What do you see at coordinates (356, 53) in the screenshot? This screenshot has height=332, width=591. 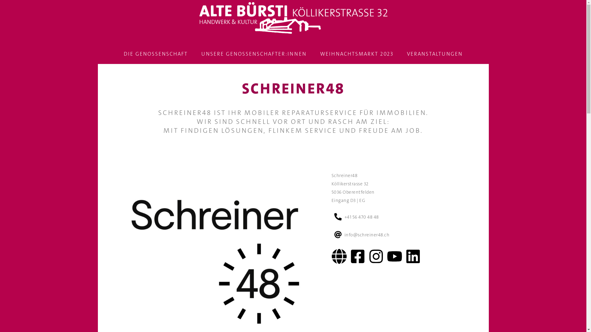 I see `'WEIHNACHTSMARKT 2023'` at bounding box center [356, 53].